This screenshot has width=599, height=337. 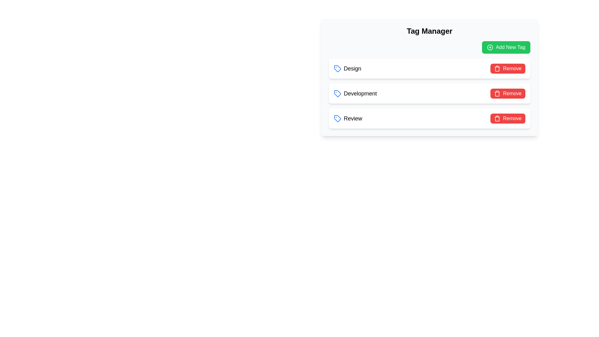 What do you see at coordinates (490, 47) in the screenshot?
I see `the circular element with a black outline and white background, part of the 'circle-plus' icon located to the right of the 'Add New Tag' button` at bounding box center [490, 47].